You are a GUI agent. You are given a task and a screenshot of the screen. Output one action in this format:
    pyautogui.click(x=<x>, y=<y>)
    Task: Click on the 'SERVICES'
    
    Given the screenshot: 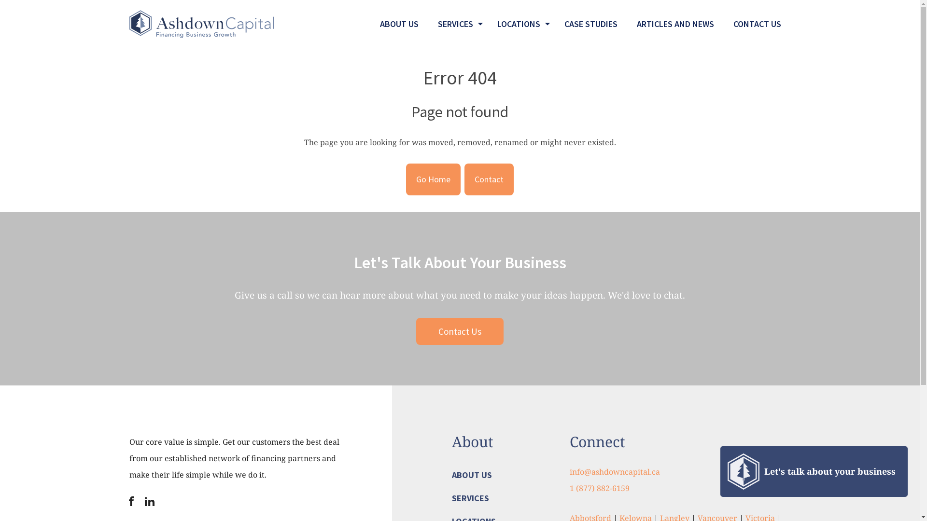 What is the action you would take?
    pyautogui.click(x=457, y=24)
    